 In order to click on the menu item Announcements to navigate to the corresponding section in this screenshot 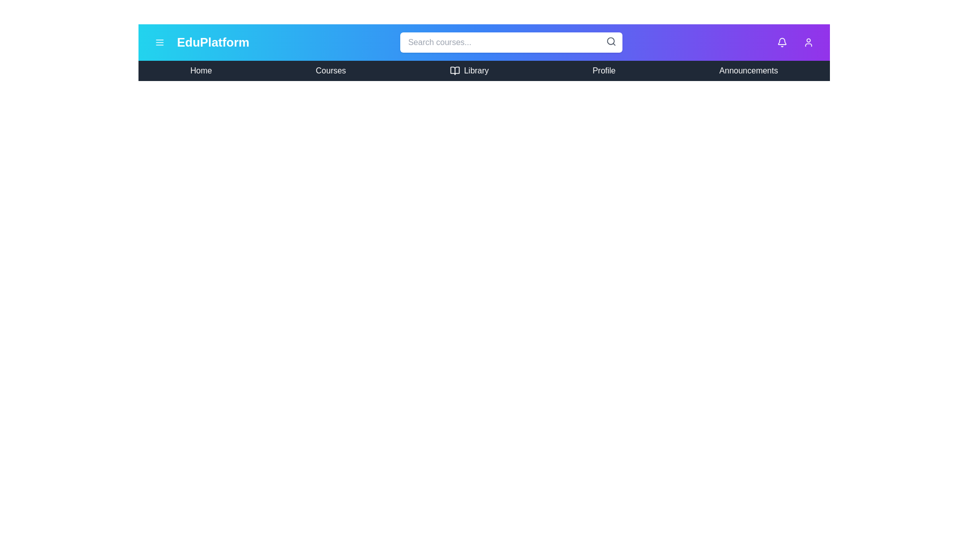, I will do `click(748, 70)`.